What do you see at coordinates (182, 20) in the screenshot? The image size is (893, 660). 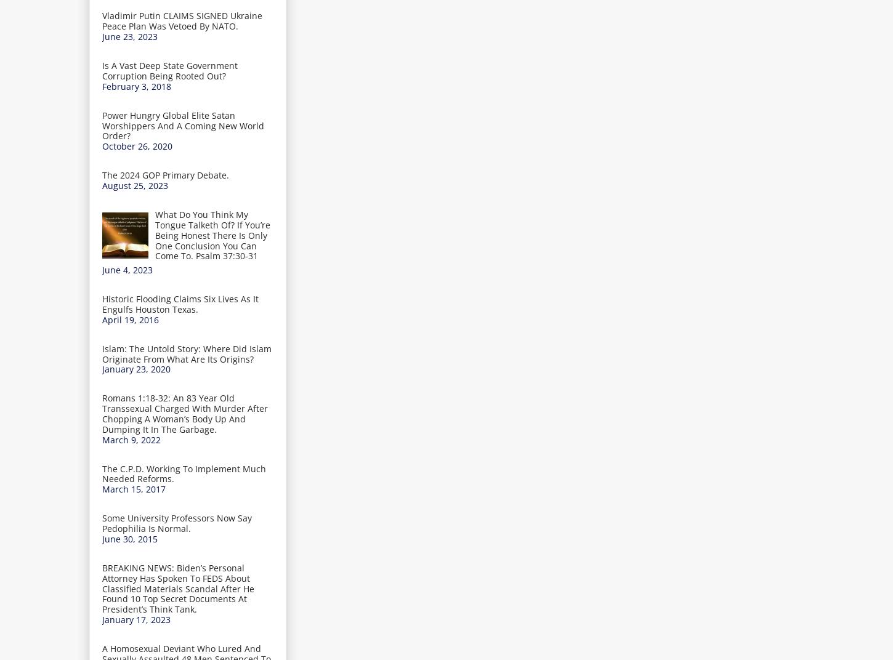 I see `'Vladimir Putin CLAIMS SIGNED Ukraine Peace Plan Was Vetoed By NATO.'` at bounding box center [182, 20].